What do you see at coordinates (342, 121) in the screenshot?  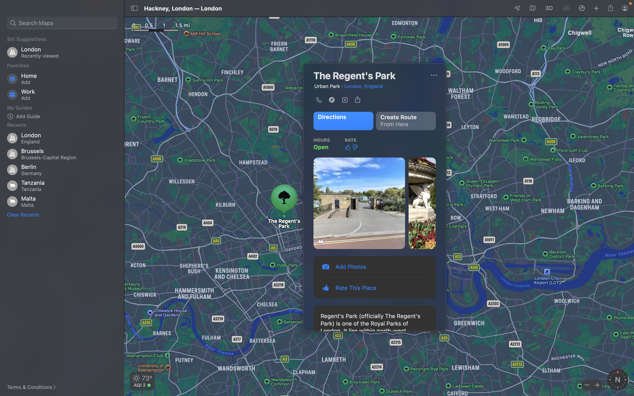 I see `Identify the course to the Regent"s path` at bounding box center [342, 121].